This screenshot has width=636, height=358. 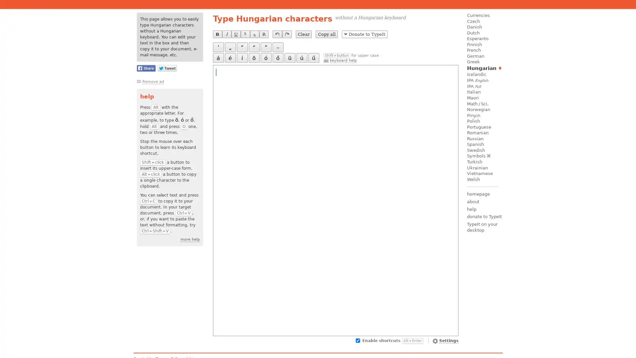 I want to click on Share this page on Facebook, so click(x=145, y=68).